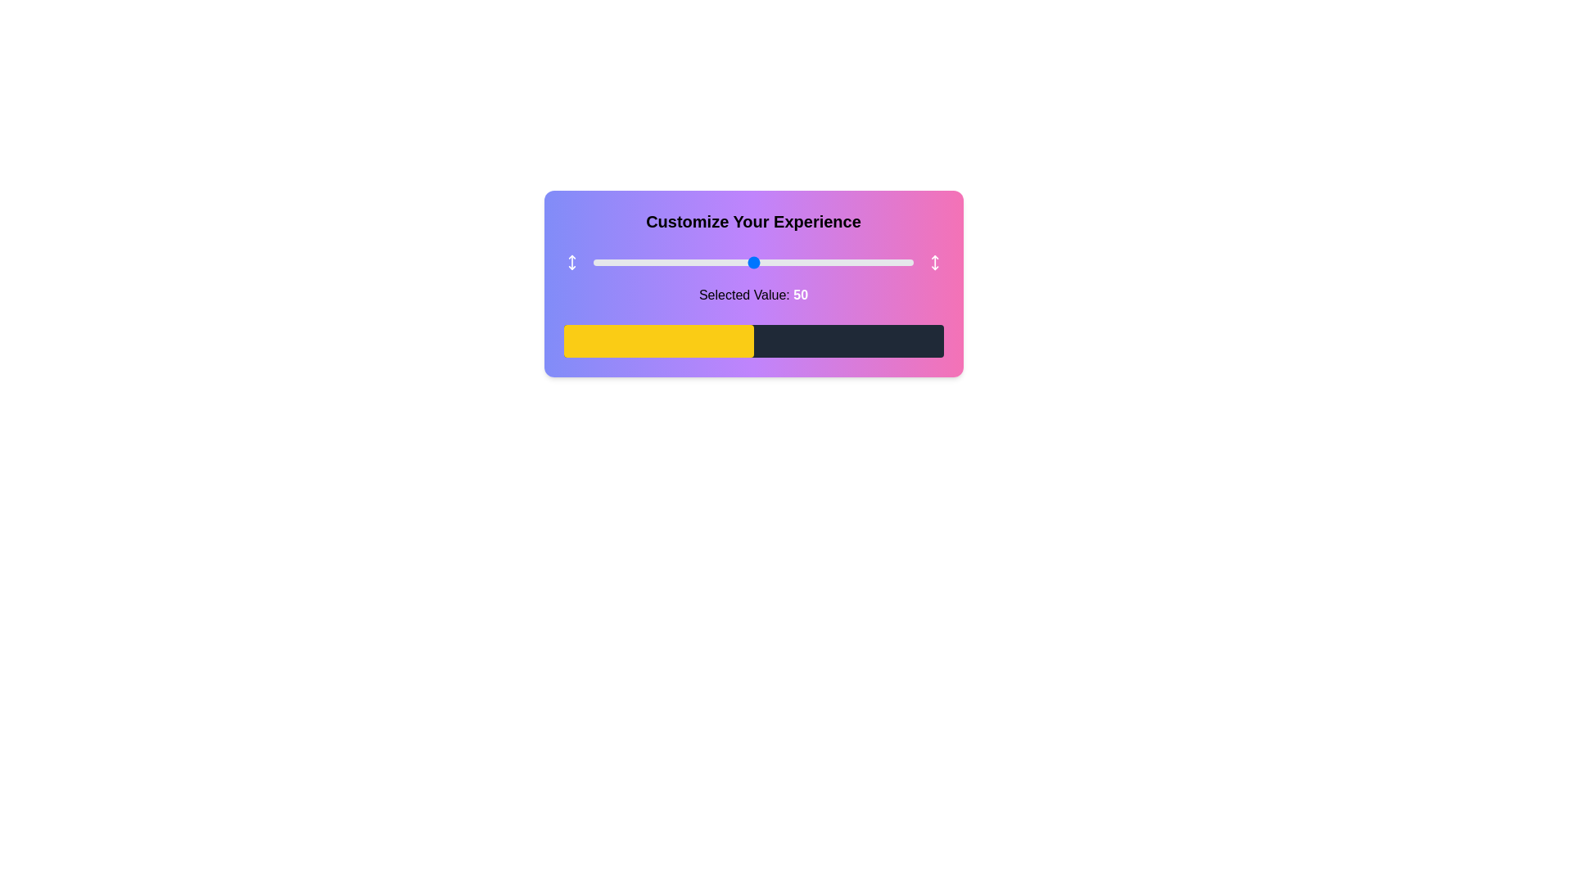 The width and height of the screenshot is (1572, 884). Describe the element at coordinates (861, 261) in the screenshot. I see `the slider to set its value to 84` at that location.